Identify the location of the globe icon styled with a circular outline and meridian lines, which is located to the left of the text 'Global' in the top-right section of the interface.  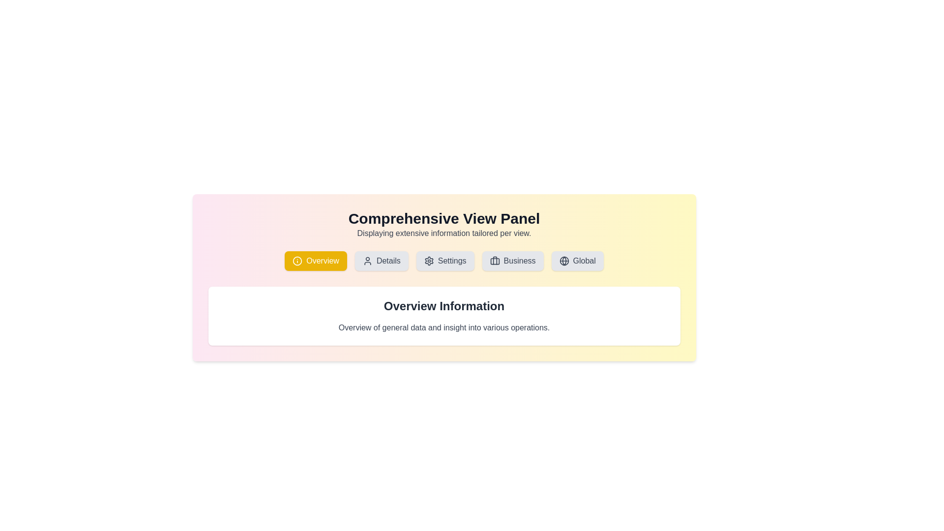
(564, 261).